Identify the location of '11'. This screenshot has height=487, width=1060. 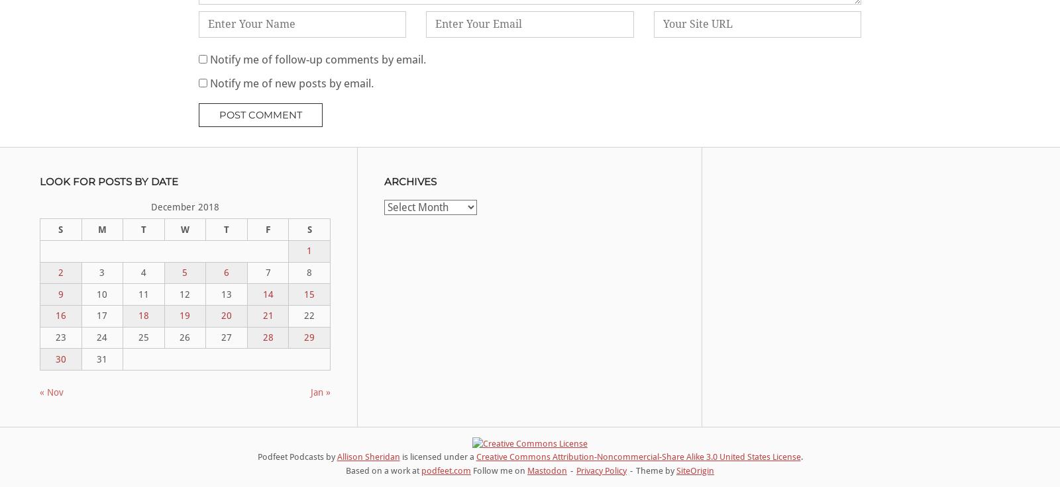
(143, 294).